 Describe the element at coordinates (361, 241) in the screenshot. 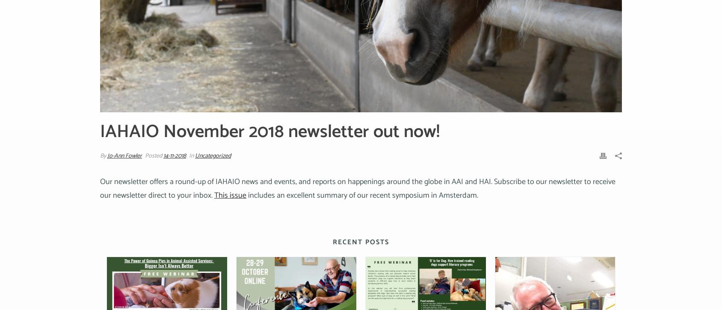

I see `'Recent Posts'` at that location.